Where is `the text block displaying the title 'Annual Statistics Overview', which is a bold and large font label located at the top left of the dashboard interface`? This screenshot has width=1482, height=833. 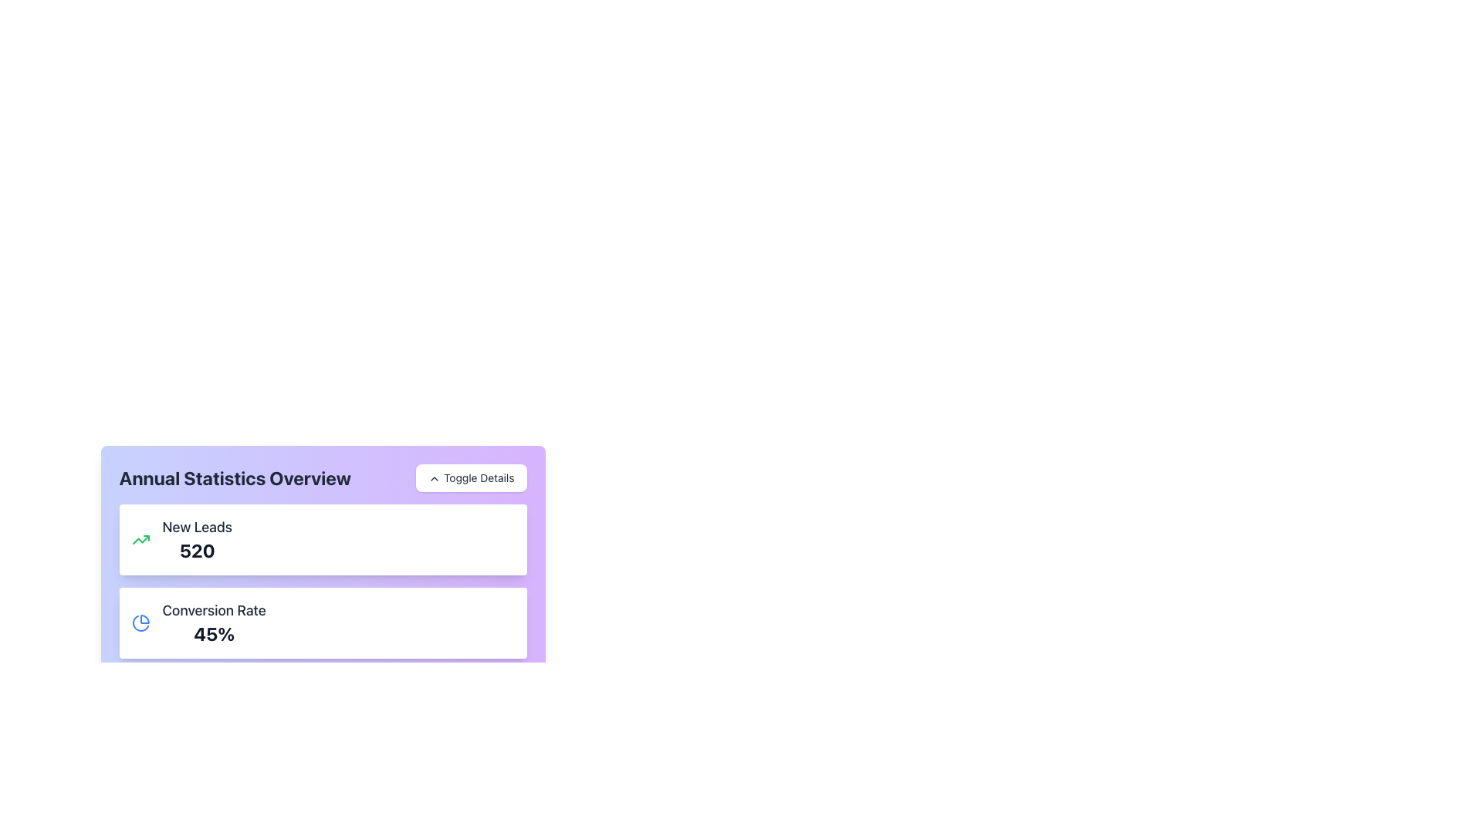
the text block displaying the title 'Annual Statistics Overview', which is a bold and large font label located at the top left of the dashboard interface is located at coordinates (234, 477).